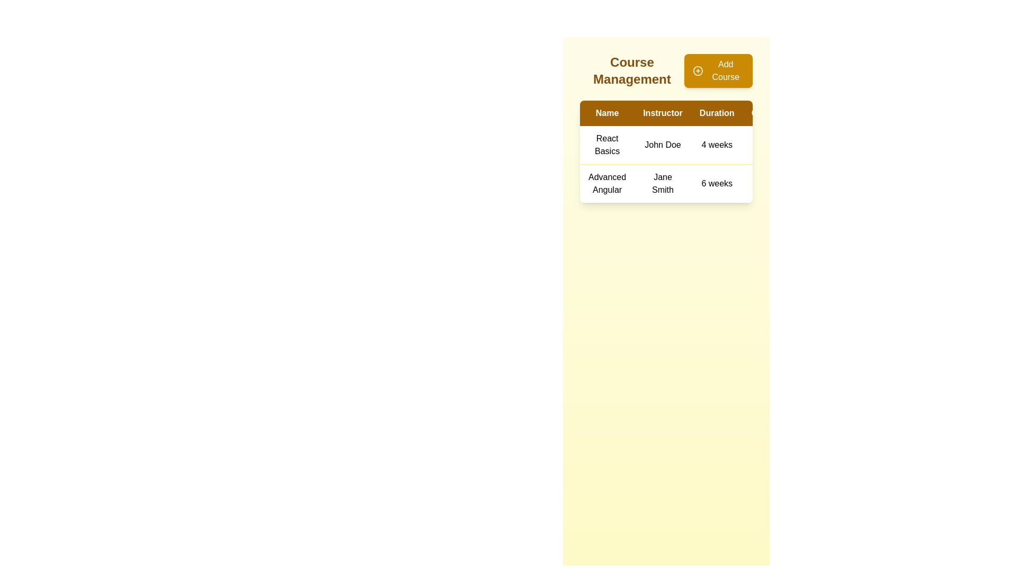 This screenshot has width=1017, height=572. What do you see at coordinates (607, 113) in the screenshot?
I see `the column header labeled 'Course Names' in the Course Management table, which is the first element in the top row of the table` at bounding box center [607, 113].